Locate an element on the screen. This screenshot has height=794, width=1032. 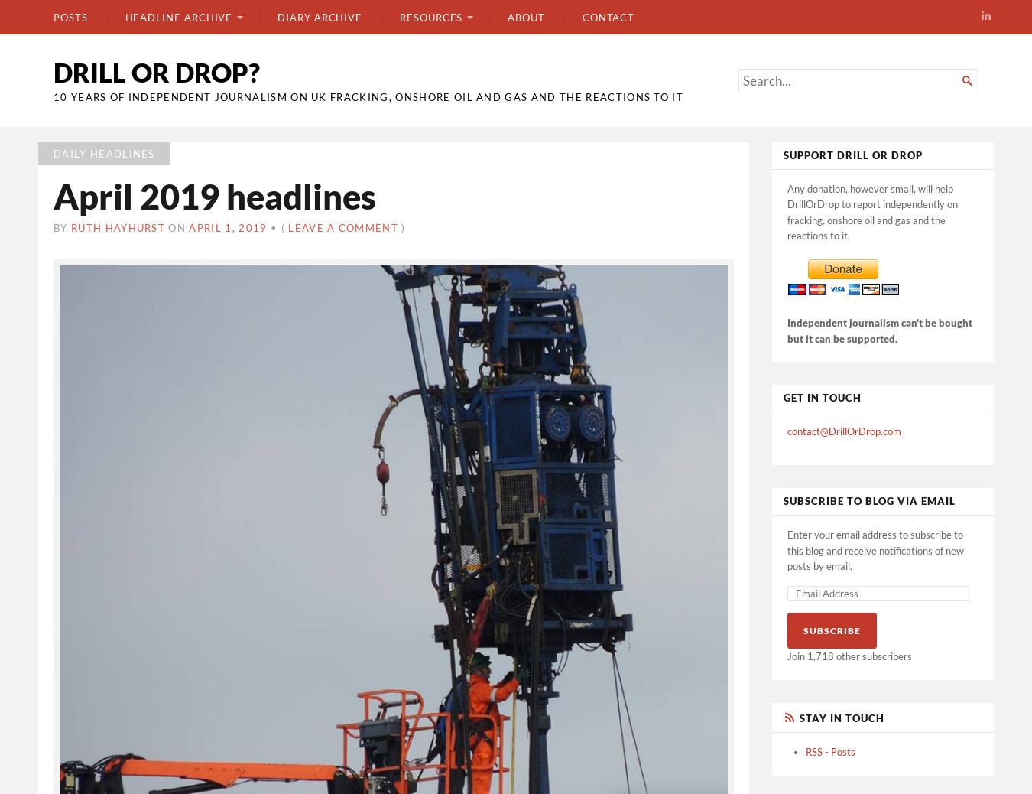
'Posts' is located at coordinates (53, 16).